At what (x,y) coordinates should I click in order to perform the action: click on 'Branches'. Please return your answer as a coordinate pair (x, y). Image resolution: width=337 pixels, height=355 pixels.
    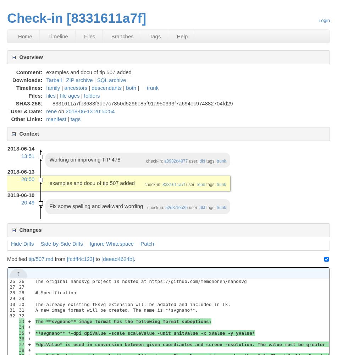
    Looking at the image, I should click on (122, 36).